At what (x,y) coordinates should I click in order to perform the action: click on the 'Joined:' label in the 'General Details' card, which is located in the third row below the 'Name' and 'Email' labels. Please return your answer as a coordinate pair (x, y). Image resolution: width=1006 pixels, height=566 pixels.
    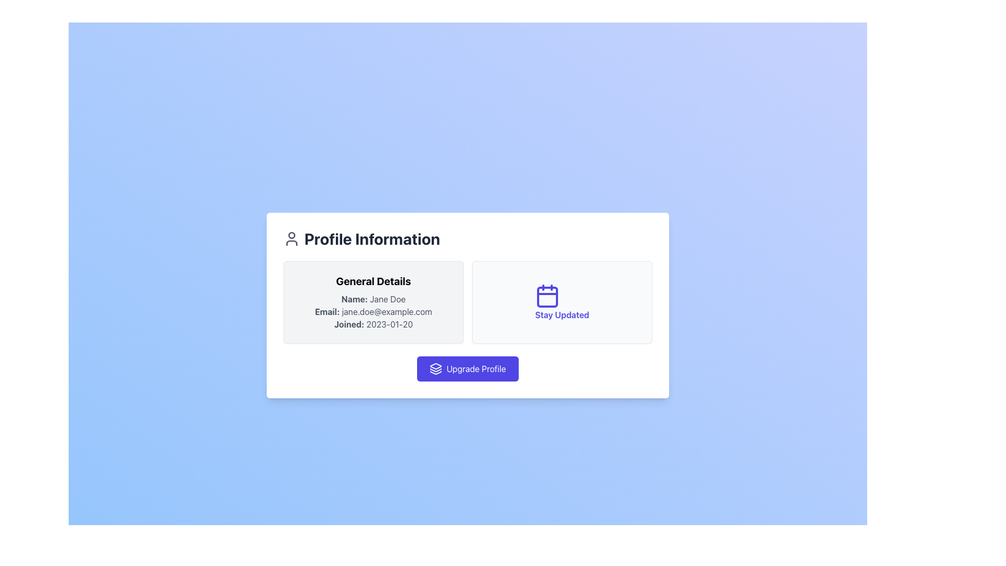
    Looking at the image, I should click on (349, 323).